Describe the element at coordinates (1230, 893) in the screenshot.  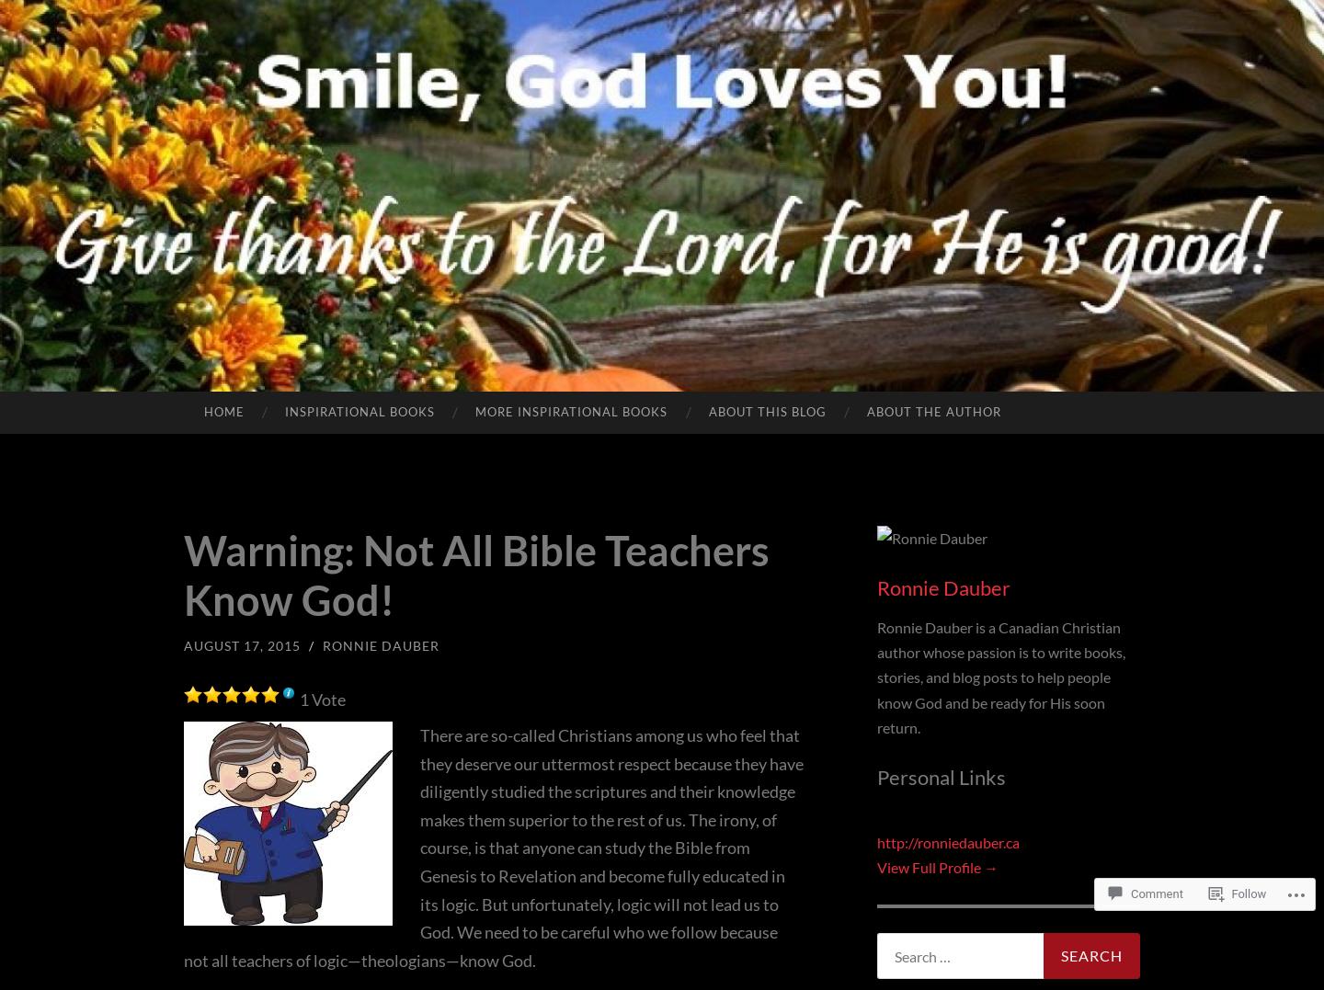
I see `'Follow'` at that location.